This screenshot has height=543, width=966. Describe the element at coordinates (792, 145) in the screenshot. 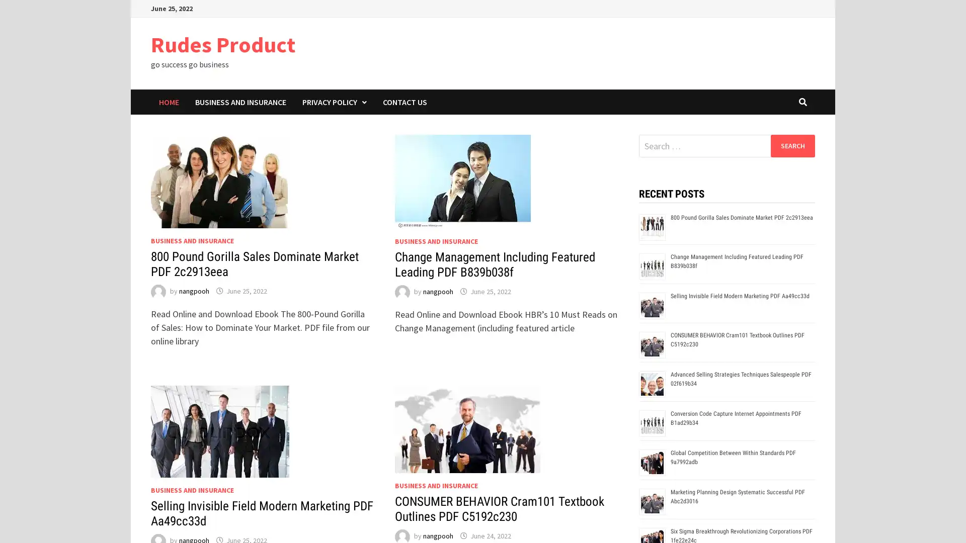

I see `Search` at that location.